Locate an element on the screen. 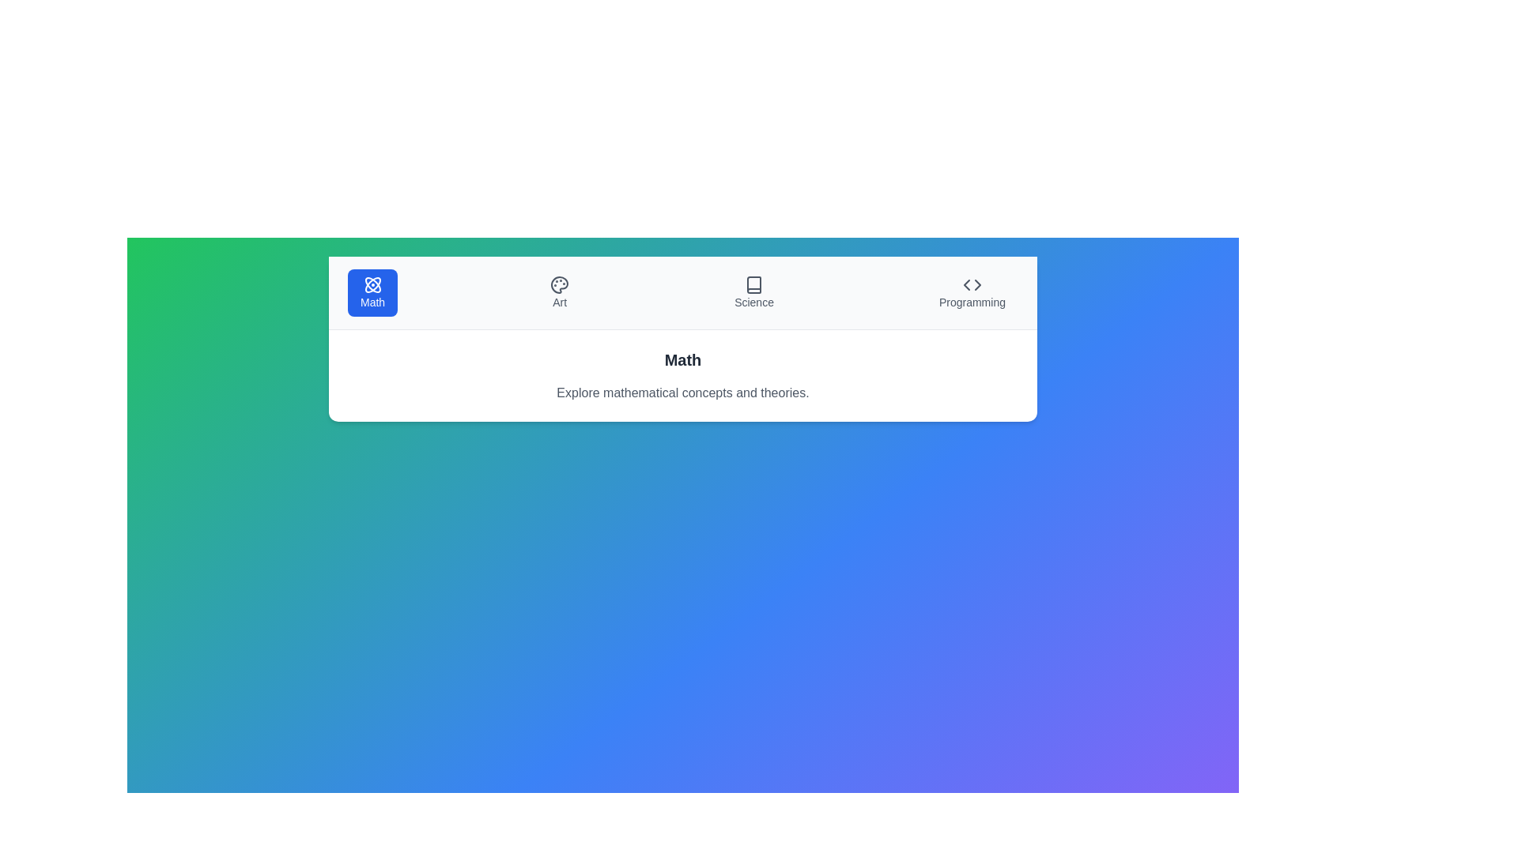 This screenshot has width=1518, height=853. the subject Science by clicking on its respective button is located at coordinates (753, 292).